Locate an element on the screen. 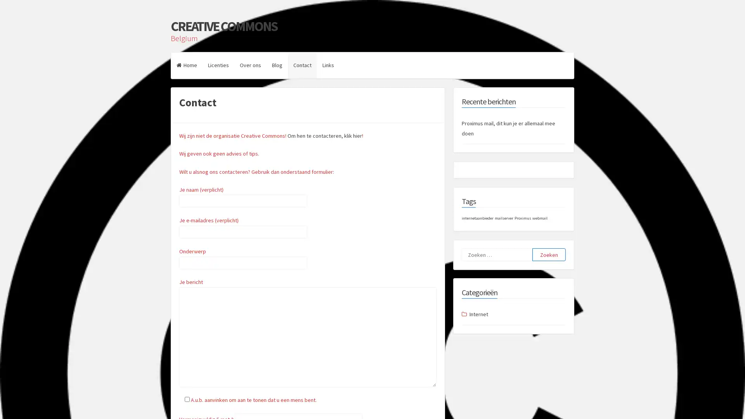 The width and height of the screenshot is (745, 419). Zoeken is located at coordinates (549, 255).